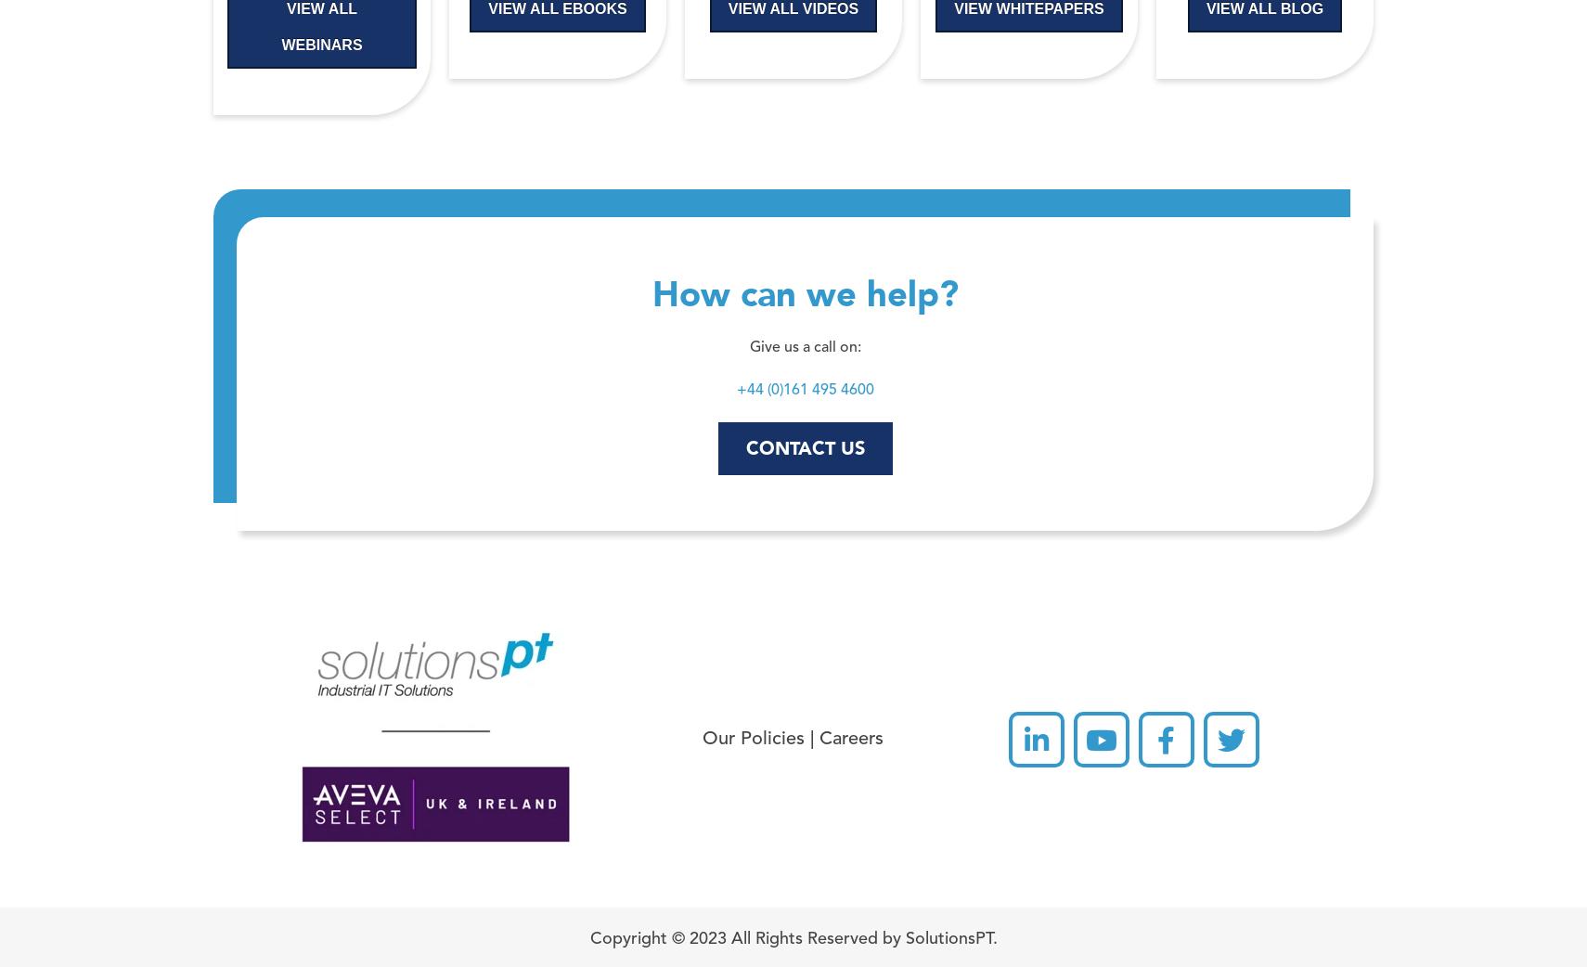 The height and width of the screenshot is (967, 1587). I want to click on '+44 (0)161 495 4600', so click(803, 389).